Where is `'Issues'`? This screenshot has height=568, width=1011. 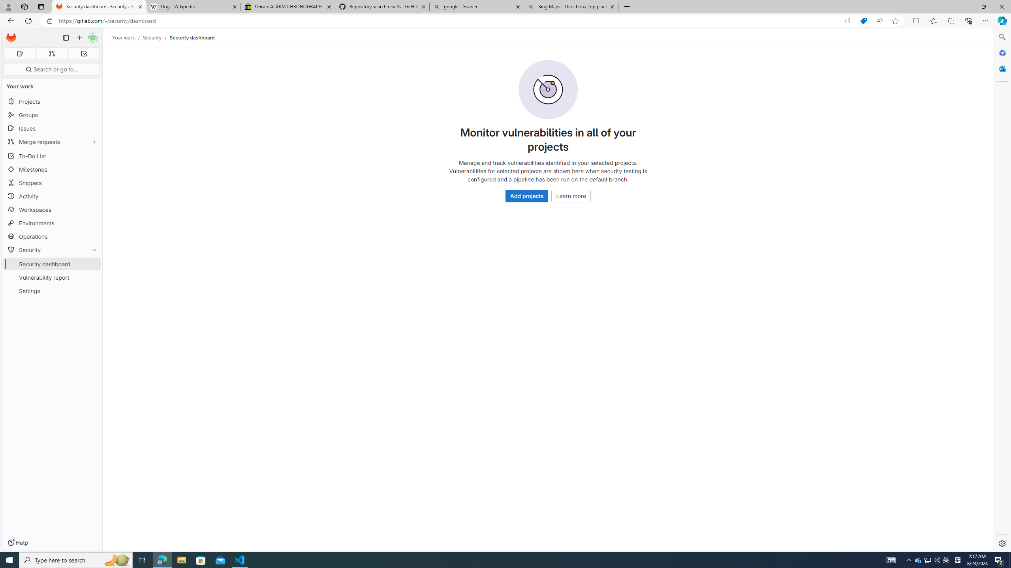 'Issues' is located at coordinates (51, 128).